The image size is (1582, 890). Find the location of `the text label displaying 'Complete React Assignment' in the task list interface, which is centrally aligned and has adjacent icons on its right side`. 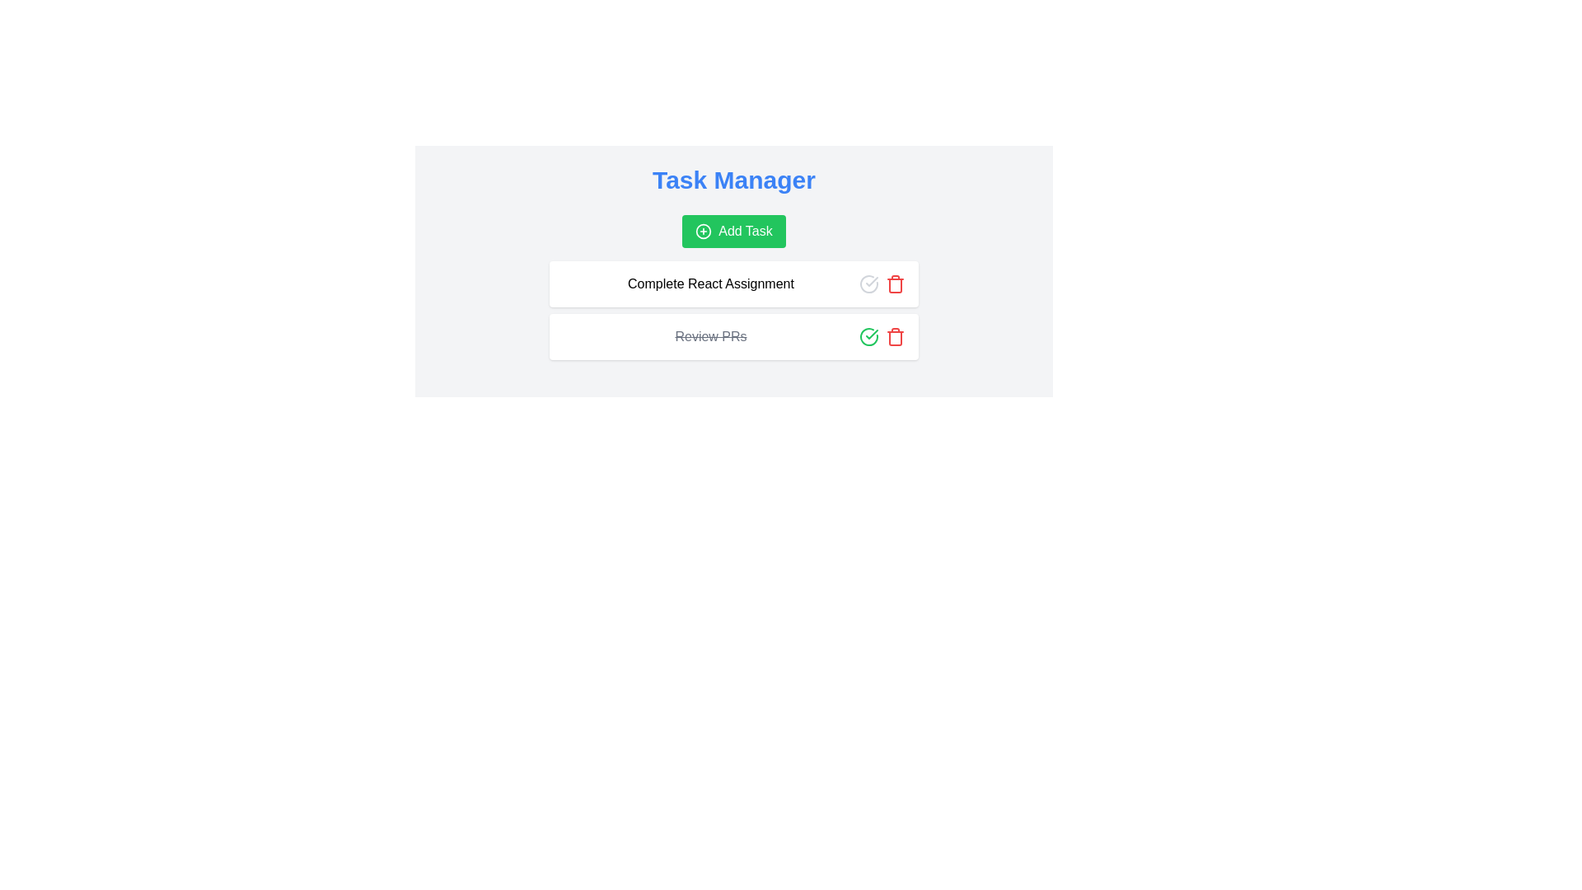

the text label displaying 'Complete React Assignment' in the task list interface, which is centrally aligned and has adjacent icons on its right side is located at coordinates (711, 283).